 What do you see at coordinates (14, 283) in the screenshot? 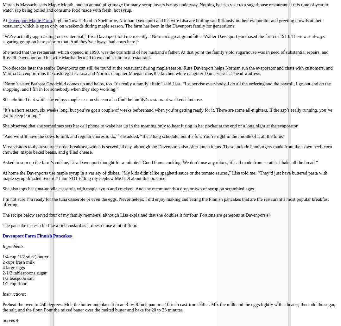
I see `'1/2 cup flour'` at bounding box center [14, 283].